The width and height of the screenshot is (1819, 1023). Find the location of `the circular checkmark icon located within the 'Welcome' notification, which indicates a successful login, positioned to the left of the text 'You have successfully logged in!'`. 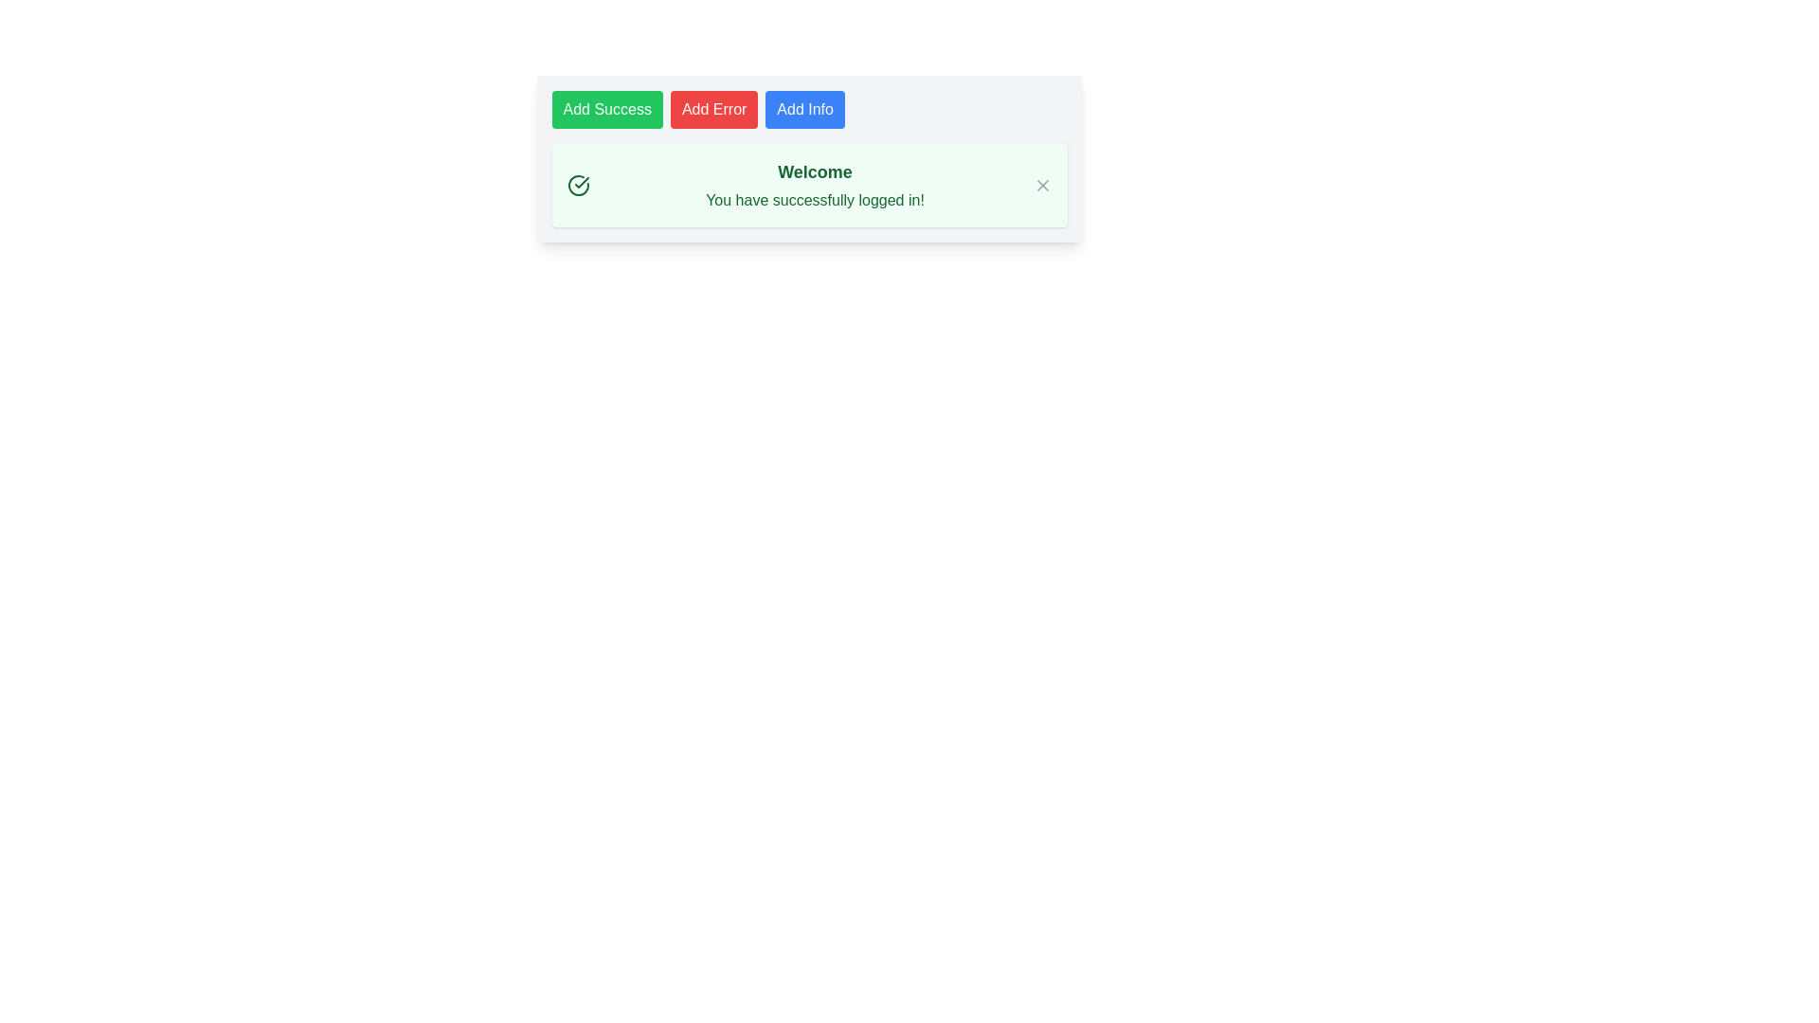

the circular checkmark icon located within the 'Welcome' notification, which indicates a successful login, positioned to the left of the text 'You have successfully logged in!' is located at coordinates (577, 186).